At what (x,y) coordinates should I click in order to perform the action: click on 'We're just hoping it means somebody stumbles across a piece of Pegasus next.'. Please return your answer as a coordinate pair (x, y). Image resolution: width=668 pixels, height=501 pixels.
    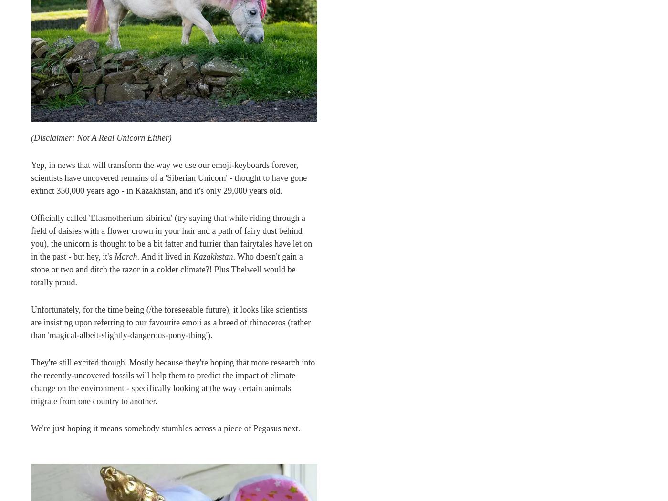
    Looking at the image, I should click on (31, 428).